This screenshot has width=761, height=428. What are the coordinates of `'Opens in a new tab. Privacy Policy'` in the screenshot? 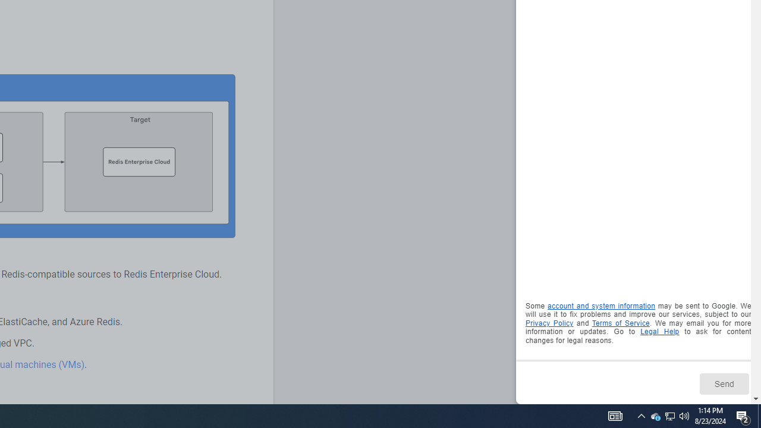 It's located at (549, 323).